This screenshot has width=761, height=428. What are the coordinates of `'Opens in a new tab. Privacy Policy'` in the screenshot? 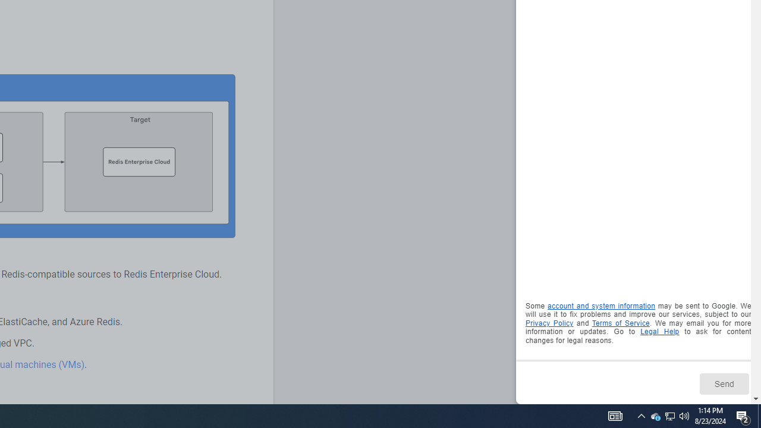 It's located at (549, 323).